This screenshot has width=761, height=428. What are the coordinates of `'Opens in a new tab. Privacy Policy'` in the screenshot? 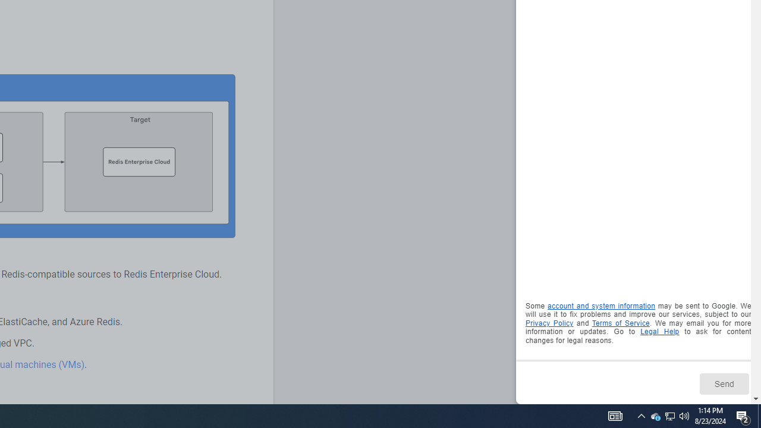 It's located at (549, 323).